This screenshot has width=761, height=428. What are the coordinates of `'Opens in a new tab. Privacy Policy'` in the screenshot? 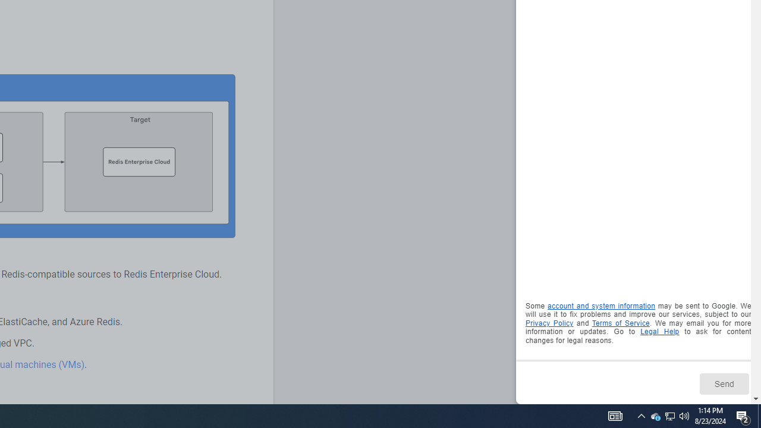 It's located at (549, 323).